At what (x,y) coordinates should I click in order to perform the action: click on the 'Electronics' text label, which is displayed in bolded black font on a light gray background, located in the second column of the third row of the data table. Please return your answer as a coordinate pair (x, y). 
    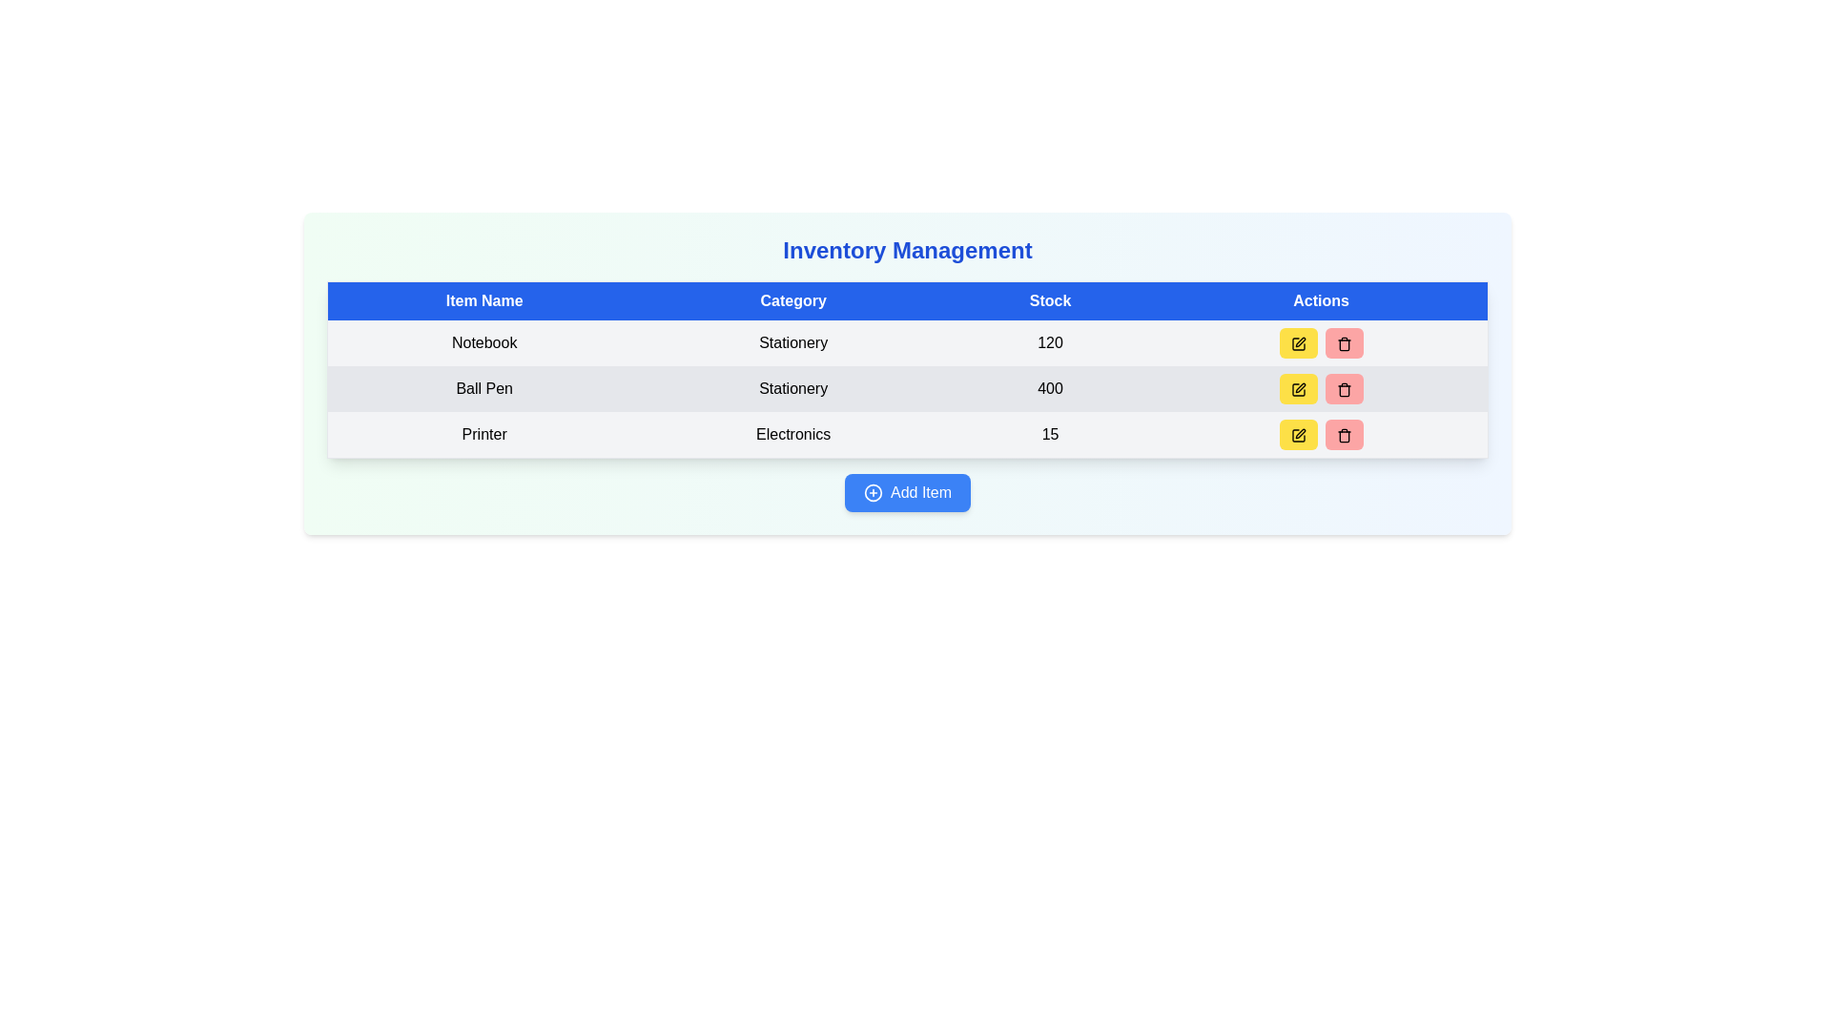
    Looking at the image, I should click on (793, 435).